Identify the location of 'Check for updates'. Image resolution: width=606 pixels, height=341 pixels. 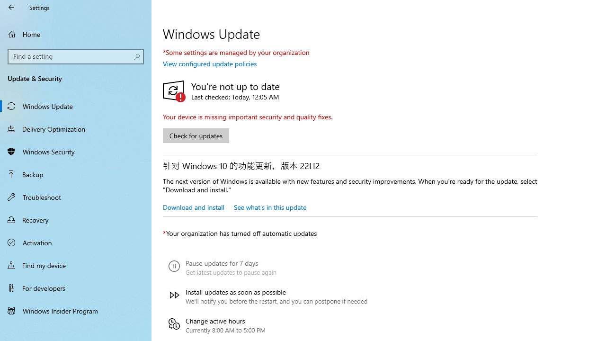
(196, 135).